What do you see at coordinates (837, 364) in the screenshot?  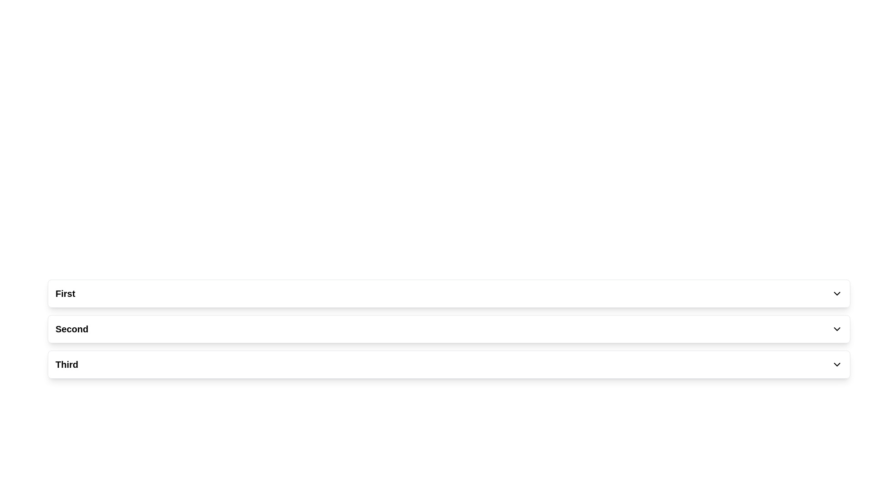 I see `the Dropdown indicator icon located to the right of the 'Third' text label` at bounding box center [837, 364].